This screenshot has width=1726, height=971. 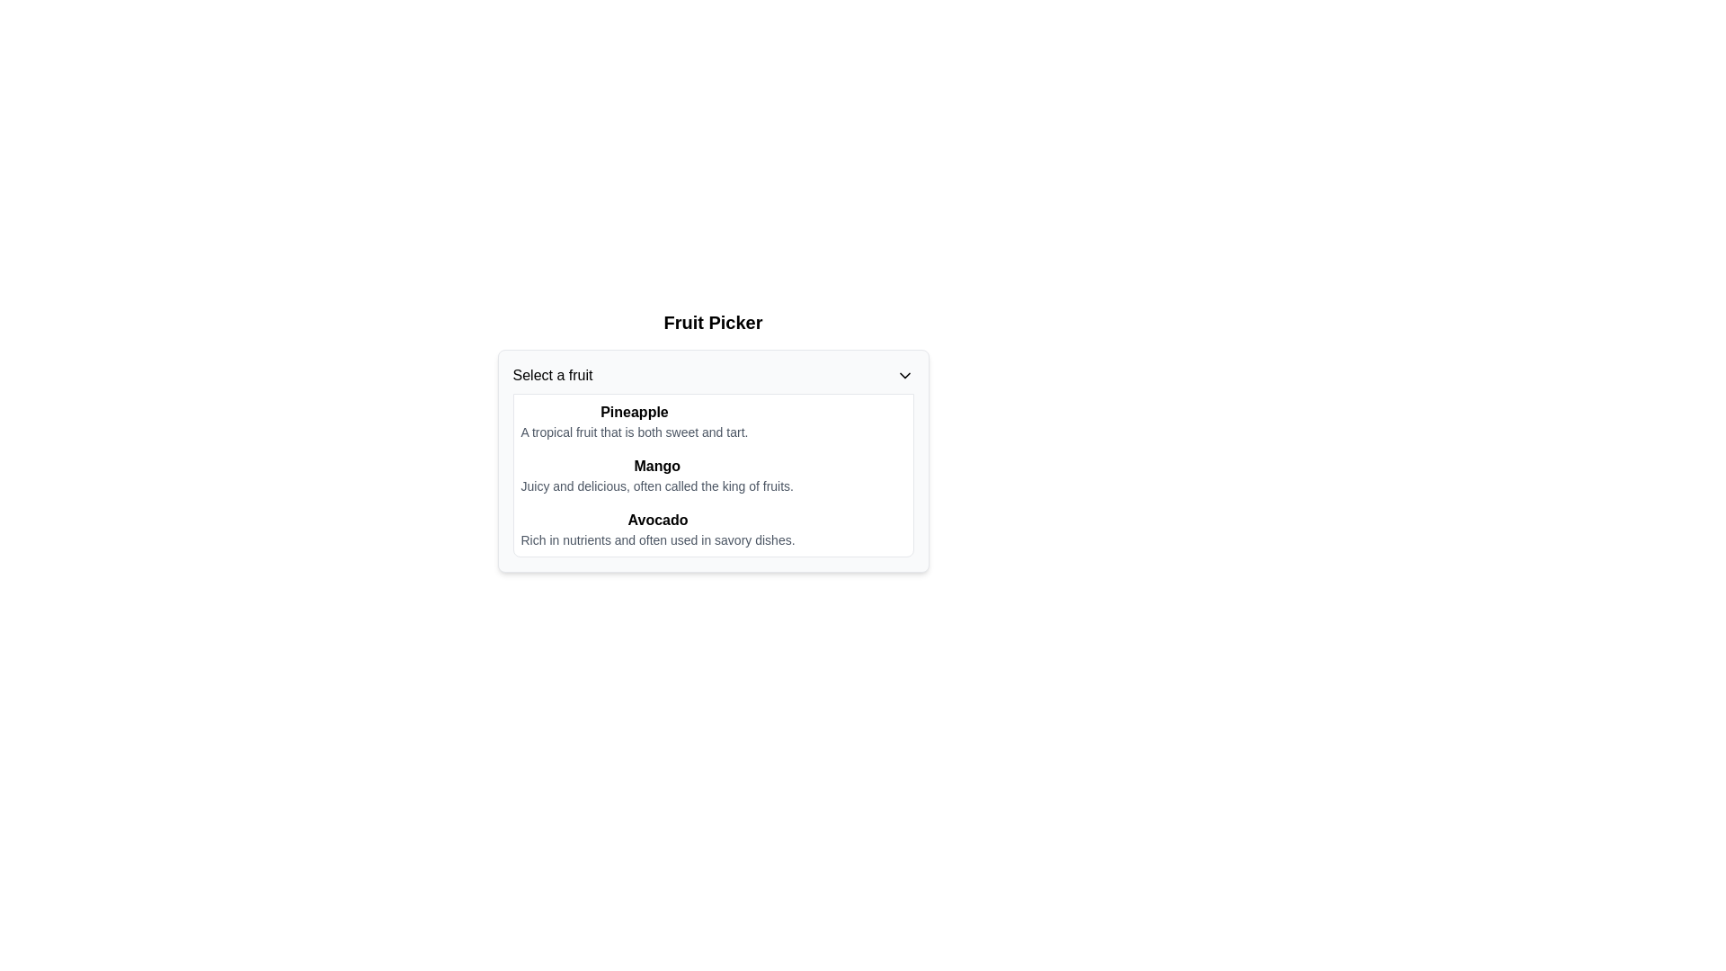 What do you see at coordinates (904, 374) in the screenshot?
I see `the downward-pointing chevron icon next to the 'Select a fruit' dropdown menu` at bounding box center [904, 374].